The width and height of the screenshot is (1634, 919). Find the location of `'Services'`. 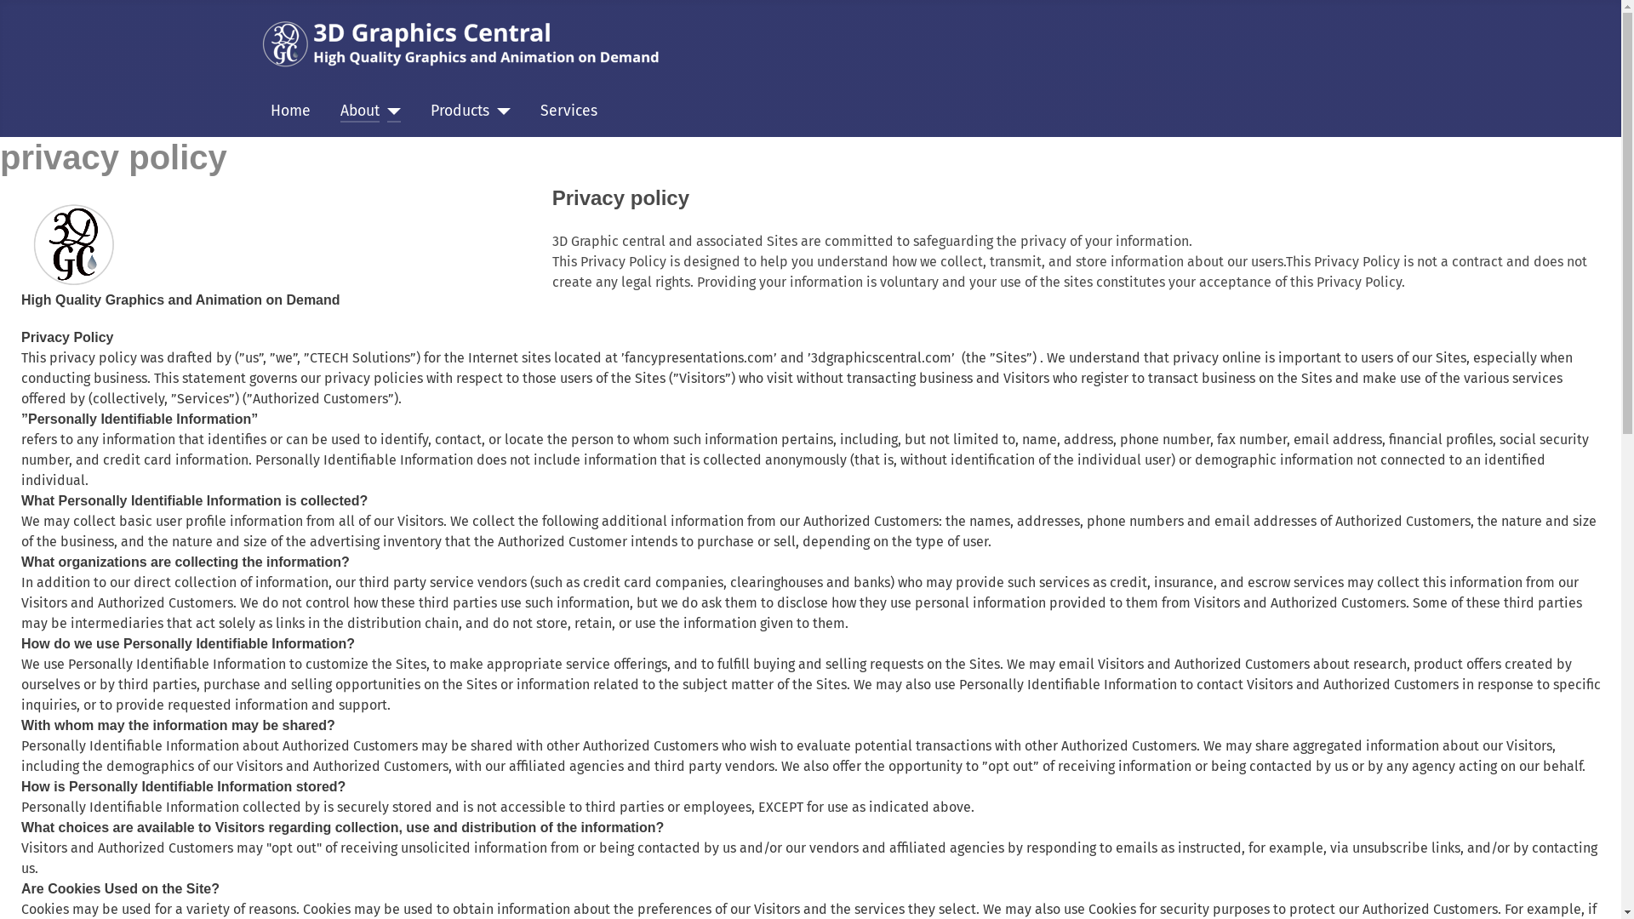

'Services' is located at coordinates (568, 111).